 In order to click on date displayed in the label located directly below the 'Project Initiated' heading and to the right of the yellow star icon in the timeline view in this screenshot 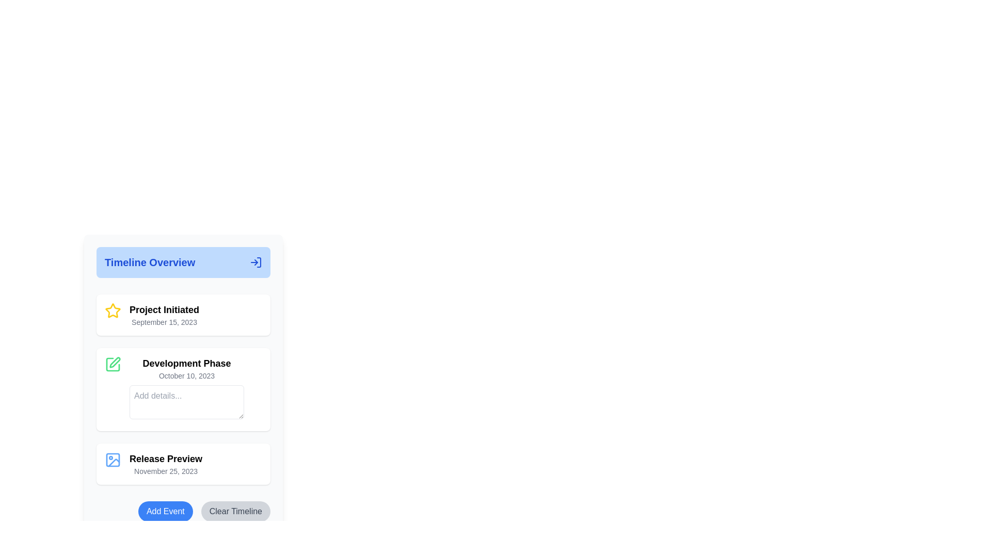, I will do `click(164, 321)`.